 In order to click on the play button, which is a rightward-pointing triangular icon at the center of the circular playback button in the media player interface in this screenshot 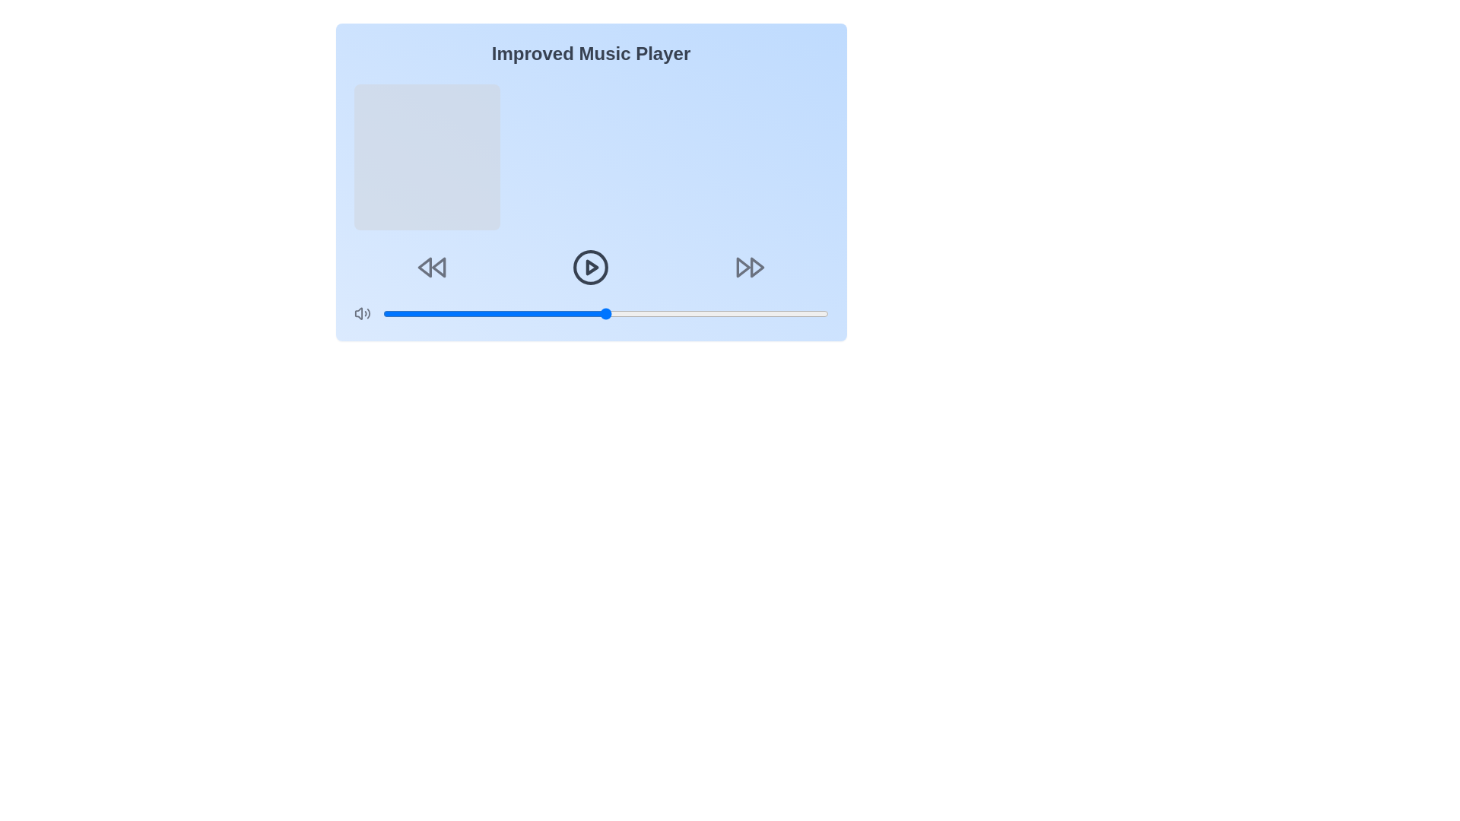, I will do `click(592, 266)`.